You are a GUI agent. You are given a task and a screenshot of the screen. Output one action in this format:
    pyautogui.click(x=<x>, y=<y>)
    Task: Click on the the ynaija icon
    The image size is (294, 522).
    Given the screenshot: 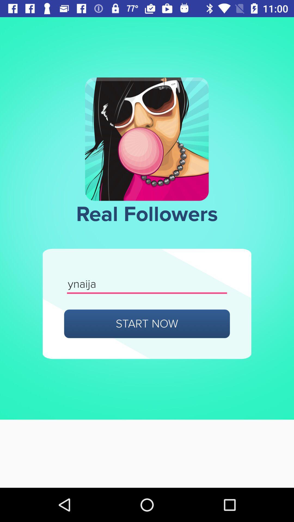 What is the action you would take?
    pyautogui.click(x=147, y=284)
    